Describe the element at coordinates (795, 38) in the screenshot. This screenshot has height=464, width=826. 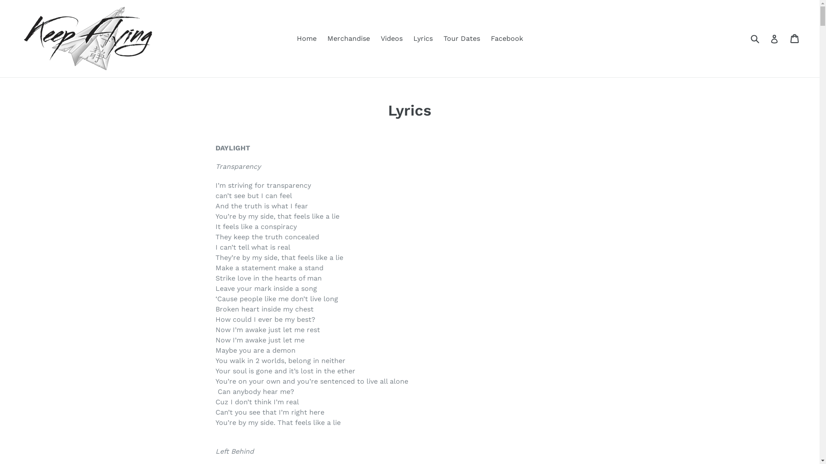
I see `'Cart` at that location.